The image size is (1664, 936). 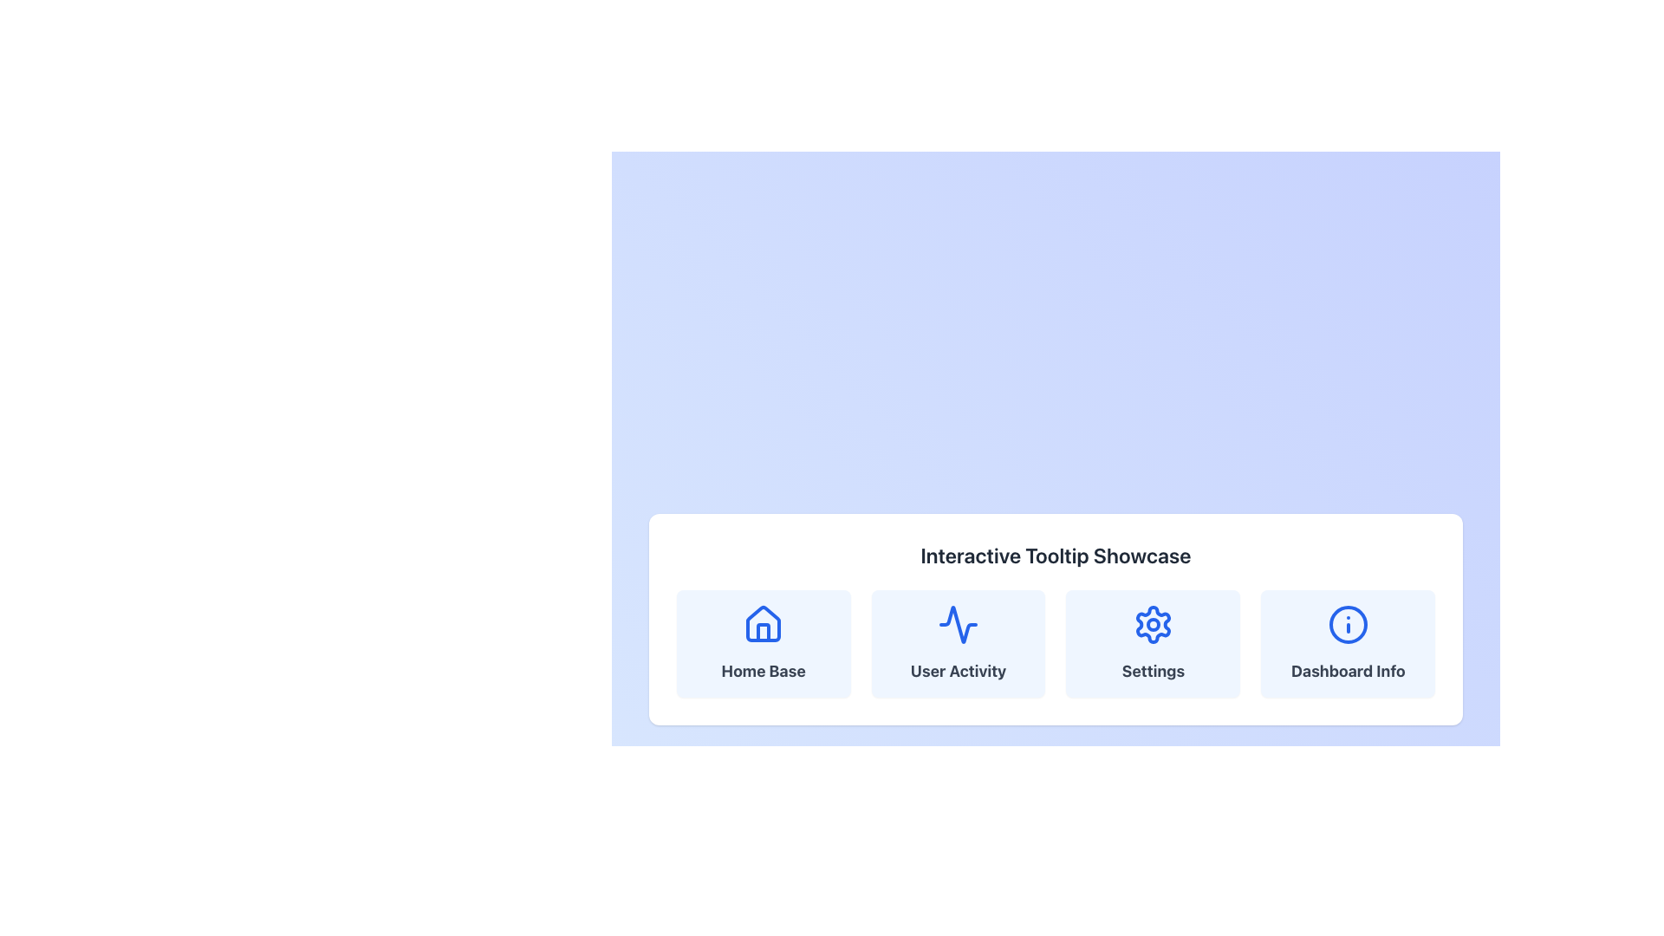 I want to click on the 'Settings' text label which is displayed in bold dark gray font within the third interactive card from the left, located centrally in the lower part of the interface, so click(x=1153, y=671).